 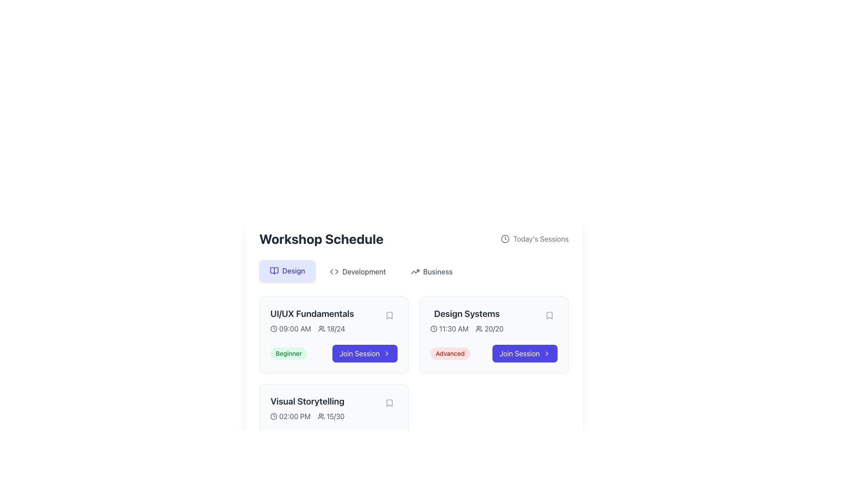 What do you see at coordinates (389, 315) in the screenshot?
I see `the bookmark icon in the top-right corner of the 'UI/UX Fundamentals' session card to bookmark the session for later reference` at bounding box center [389, 315].